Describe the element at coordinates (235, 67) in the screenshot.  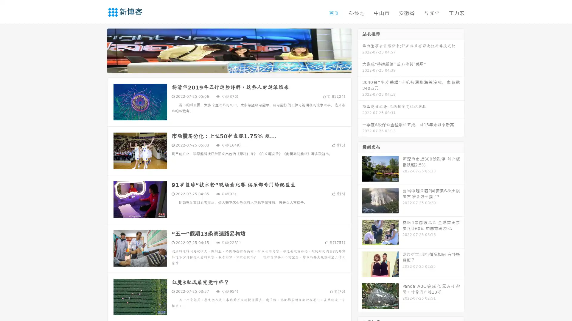
I see `Go to slide 3` at that location.